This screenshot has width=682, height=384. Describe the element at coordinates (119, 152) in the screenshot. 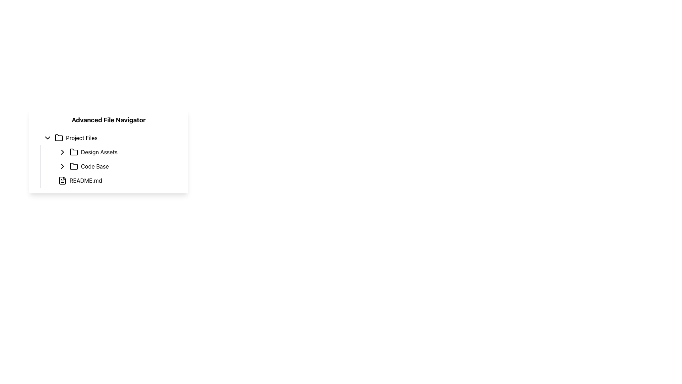

I see `the 'Design Assets' navigation link located in the advanced file navigator panel, positioned between the 'Project Files' group and the 'Code Base' item` at that location.